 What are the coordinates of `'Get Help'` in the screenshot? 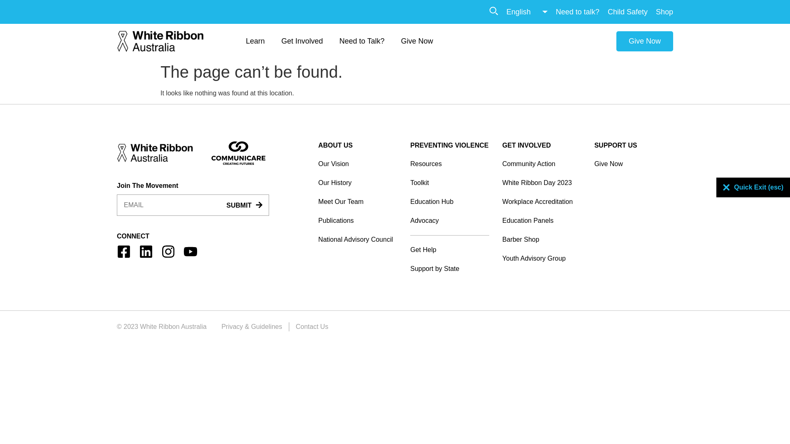 It's located at (449, 250).